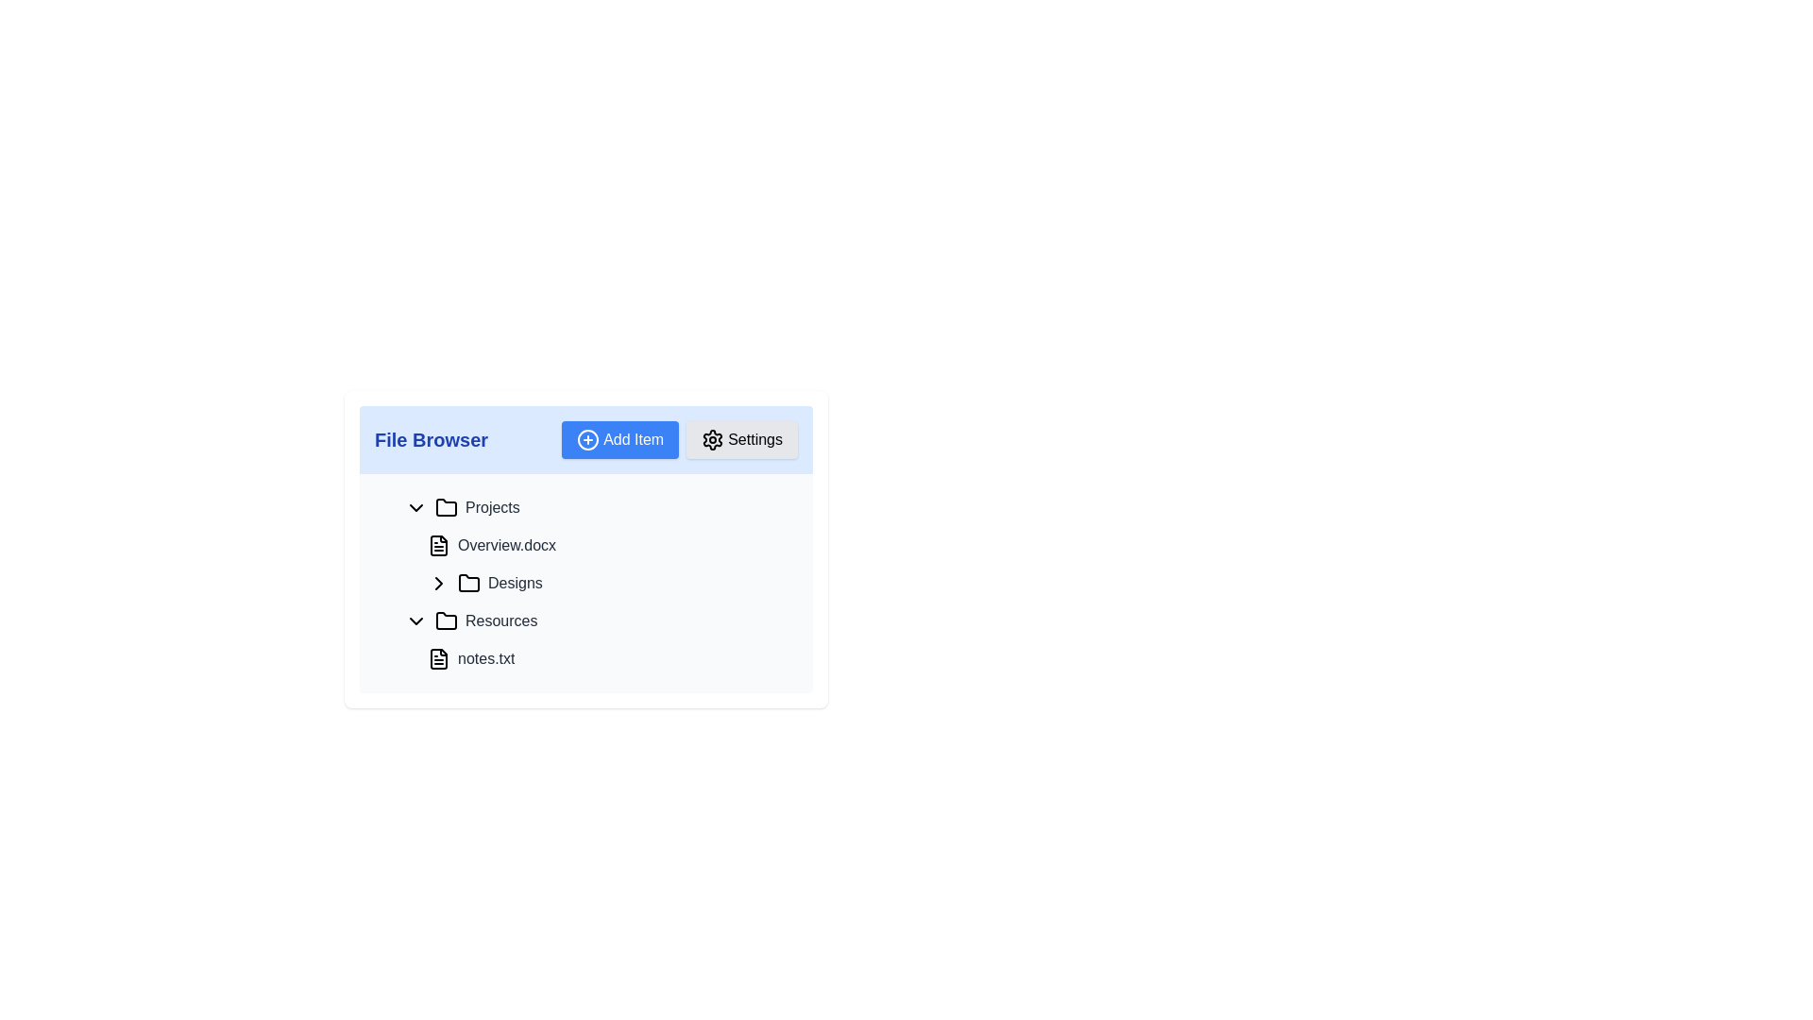 This screenshot has height=1020, width=1813. I want to click on the settings icon located in the top right corner of the file browser interface, so click(712, 440).